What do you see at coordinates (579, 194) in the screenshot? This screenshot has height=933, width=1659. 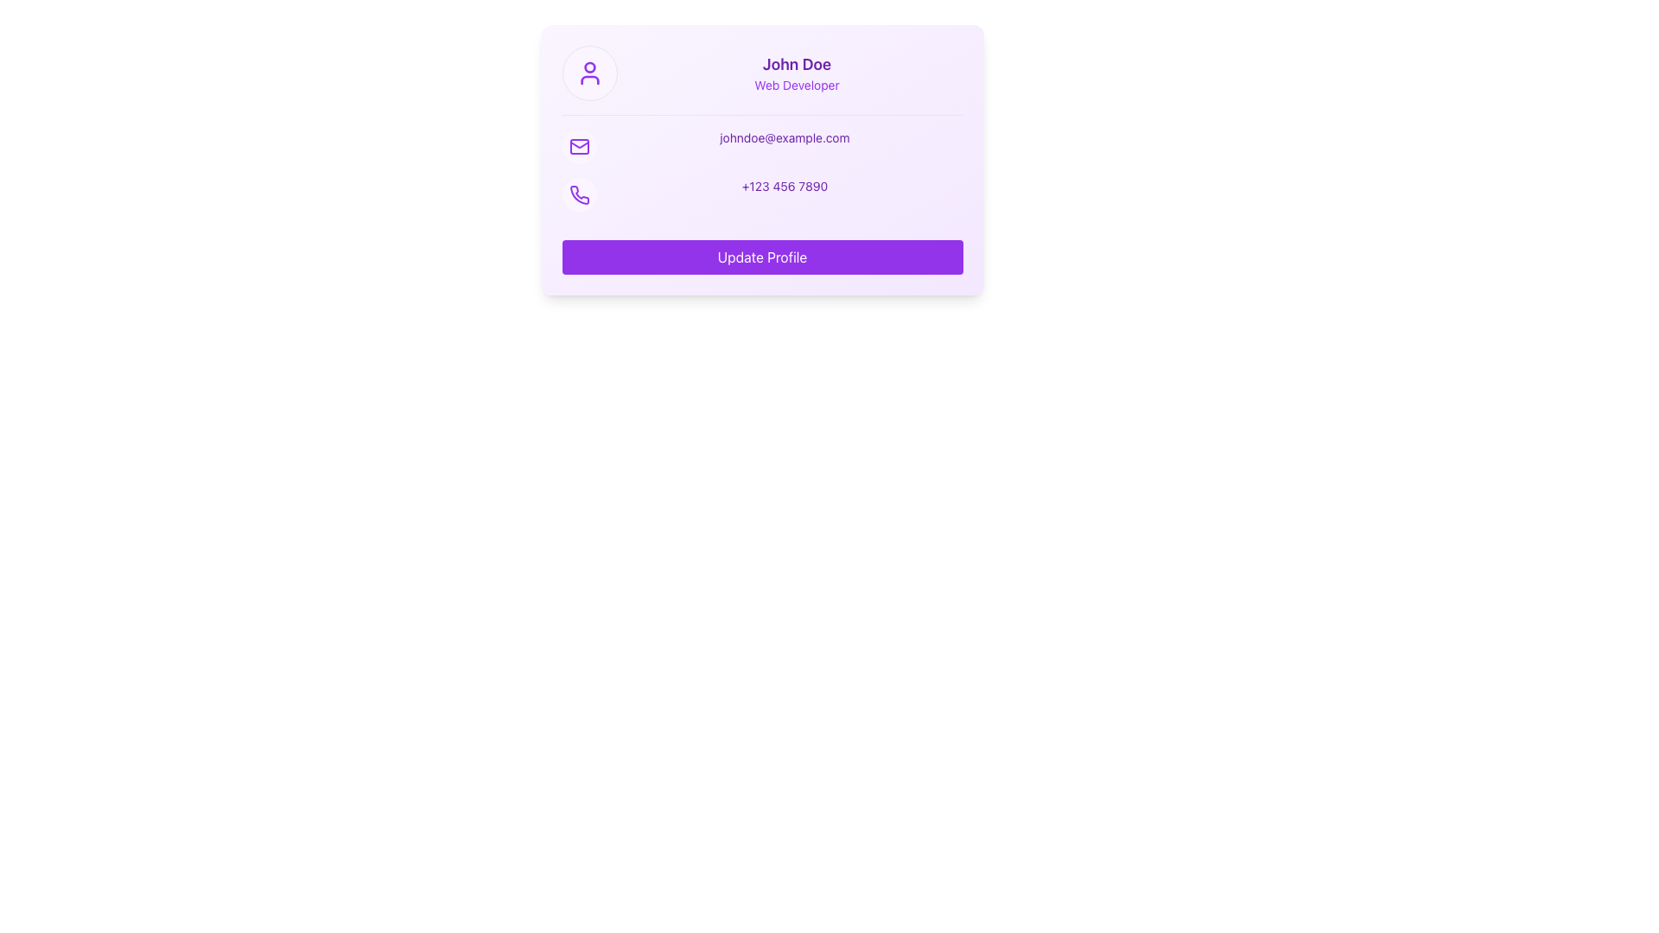 I see `the phone contact detail icon, which is visually represented and located to the left of the phone number '+123 456 7890'` at bounding box center [579, 194].